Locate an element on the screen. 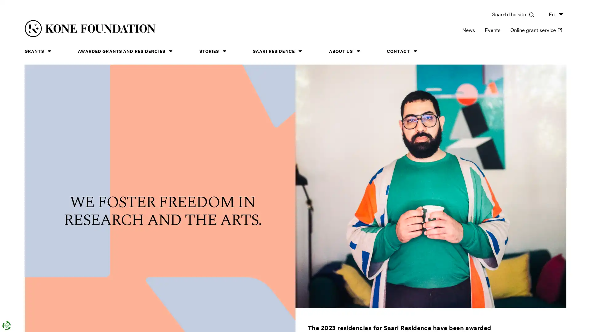  About us osion alavalikko is located at coordinates (358, 51).